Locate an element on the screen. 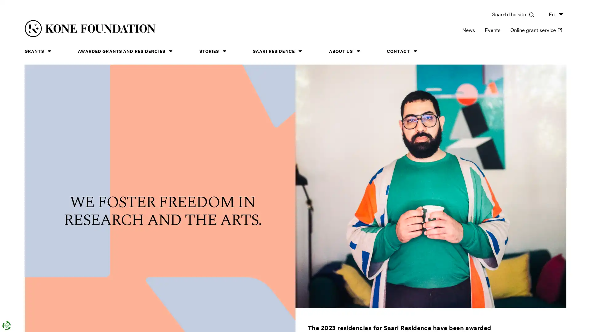  About us osion alavalikko is located at coordinates (358, 51).